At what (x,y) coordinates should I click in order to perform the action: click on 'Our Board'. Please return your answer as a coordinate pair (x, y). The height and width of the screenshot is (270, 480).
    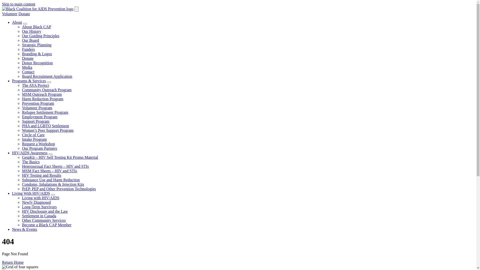
    Looking at the image, I should click on (30, 40).